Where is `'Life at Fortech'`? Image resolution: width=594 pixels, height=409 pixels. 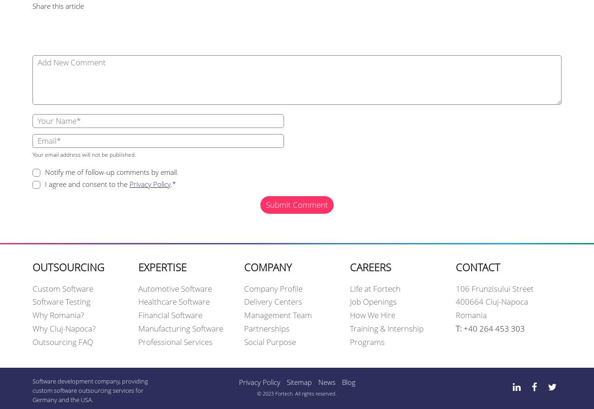 'Life at Fortech' is located at coordinates (349, 288).